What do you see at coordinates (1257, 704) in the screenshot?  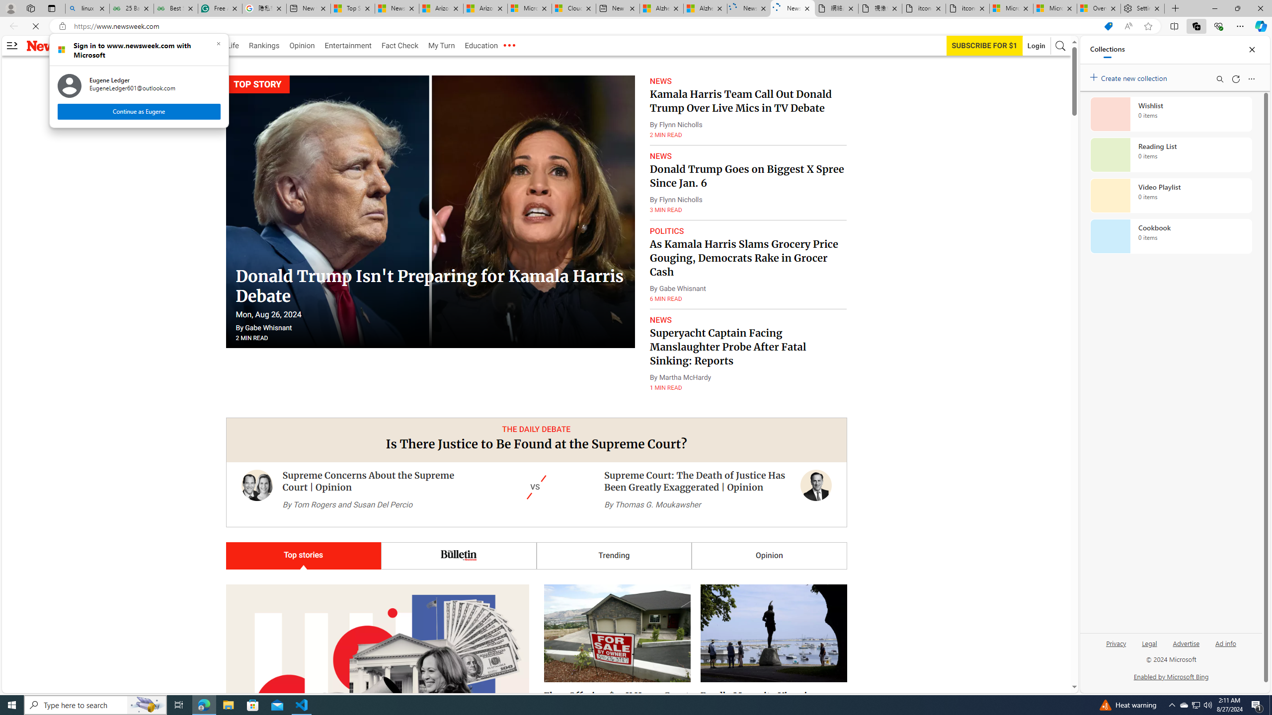 I see `'Action Center, 1 new notification'` at bounding box center [1257, 704].